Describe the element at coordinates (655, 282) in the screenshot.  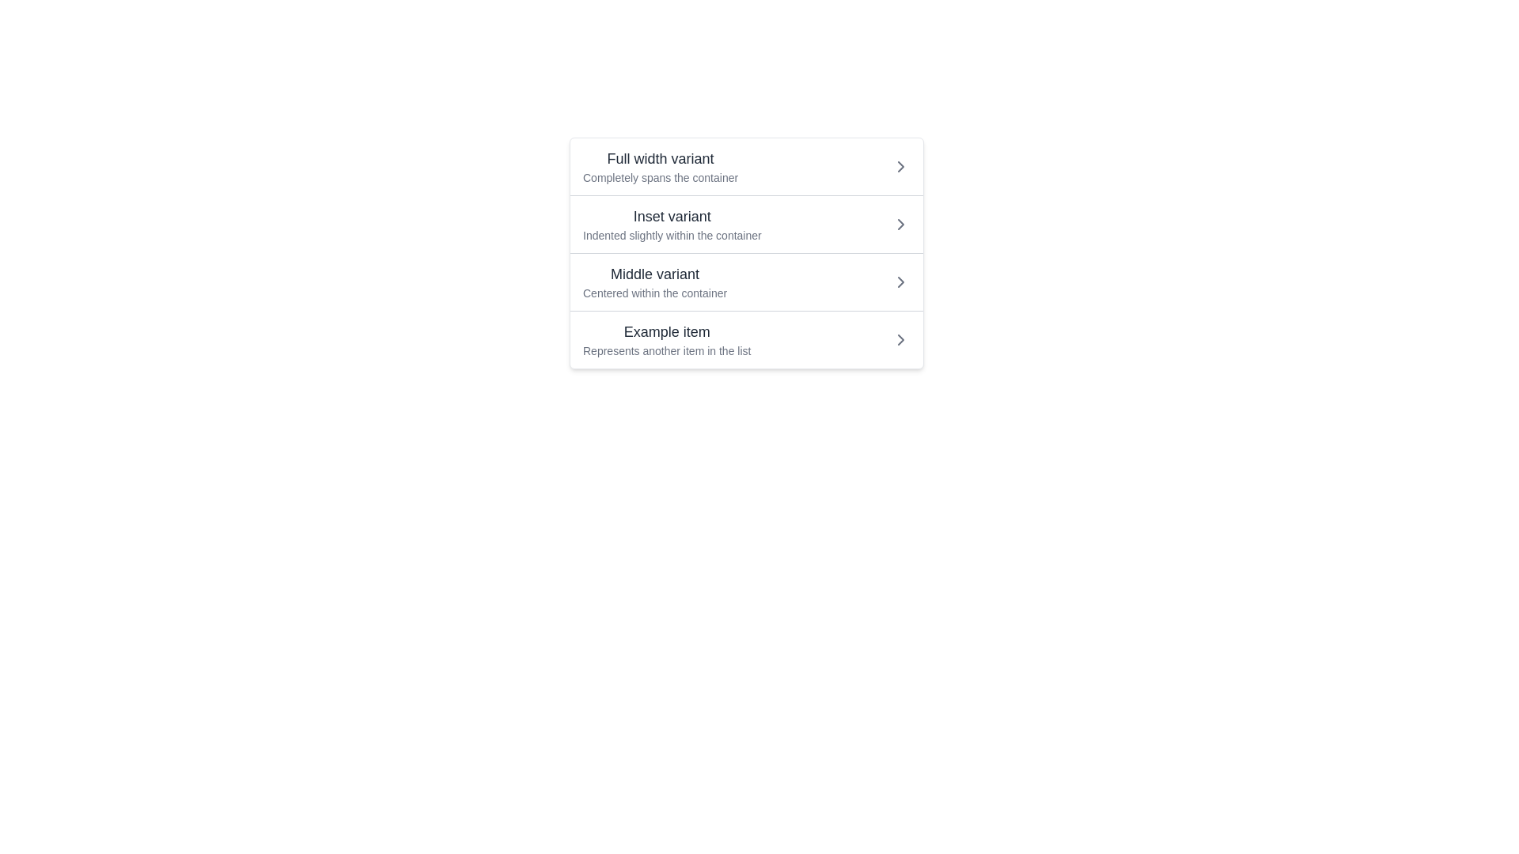
I see `the third list item labeled 'Middle variant' which has a prominent bold title and a smaller subtitle` at that location.